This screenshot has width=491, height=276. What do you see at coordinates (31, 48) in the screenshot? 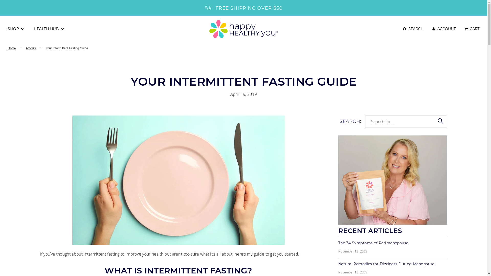
I see `'Articles'` at bounding box center [31, 48].